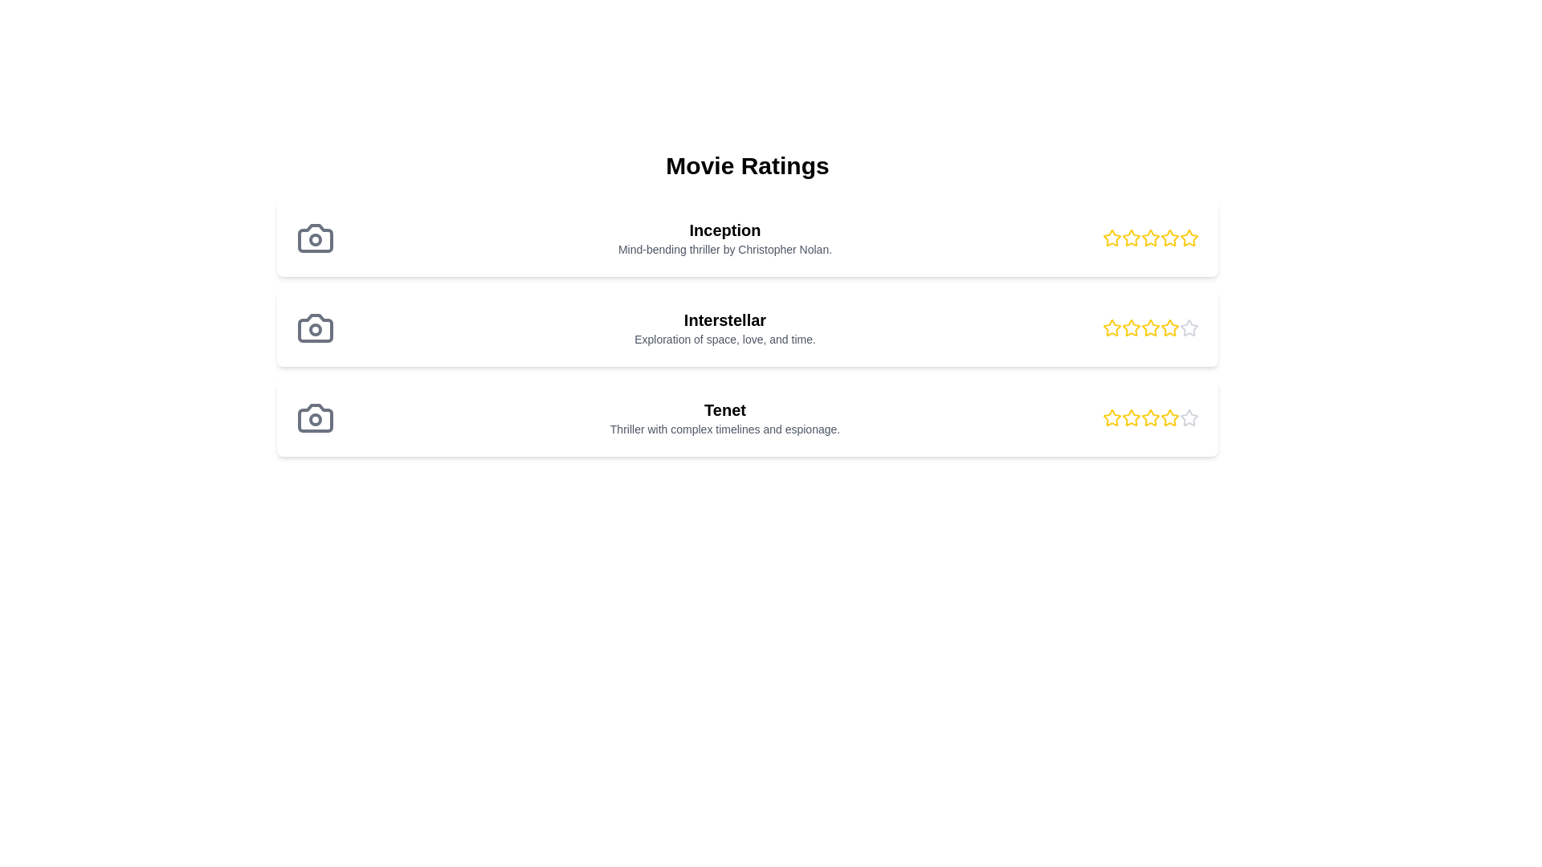  Describe the element at coordinates (1131, 417) in the screenshot. I see `the third star in the Rating Star Indicator to provide a 3-star rating for the 'Tenet' item` at that location.